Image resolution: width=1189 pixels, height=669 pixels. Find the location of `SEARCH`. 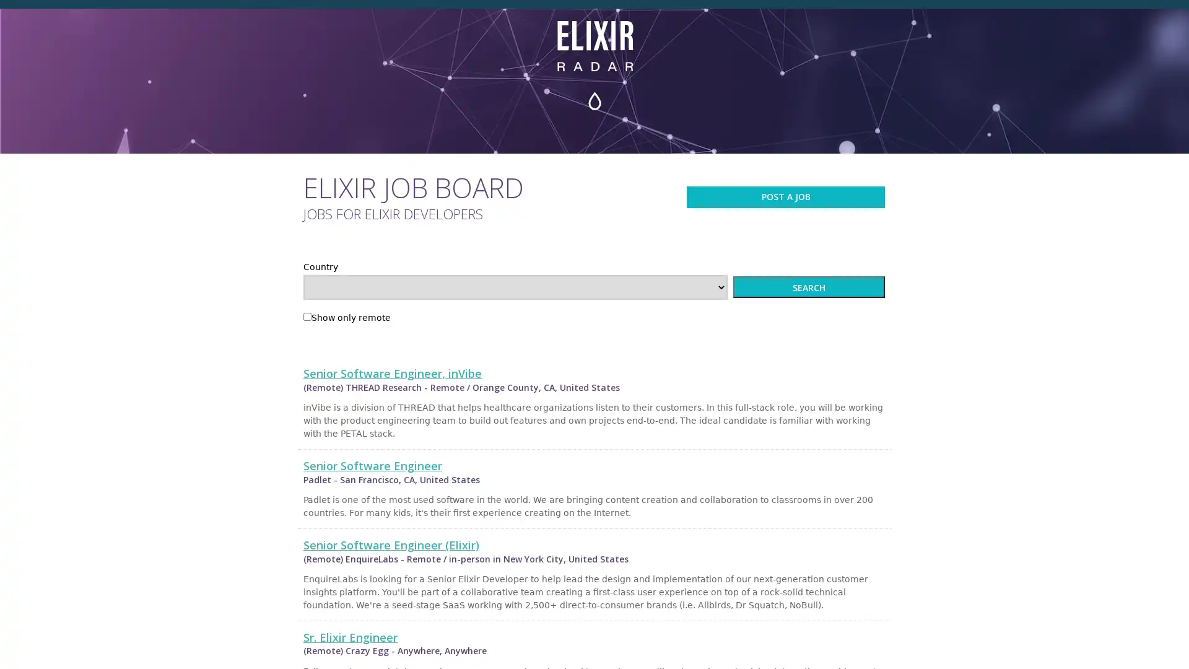

SEARCH is located at coordinates (809, 286).